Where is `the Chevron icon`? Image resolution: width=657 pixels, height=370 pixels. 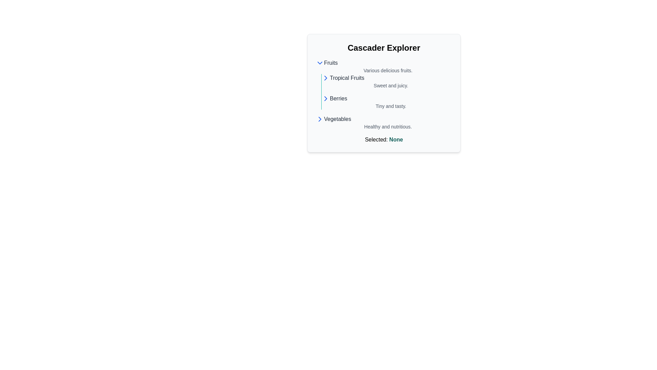
the Chevron icon is located at coordinates (325, 77).